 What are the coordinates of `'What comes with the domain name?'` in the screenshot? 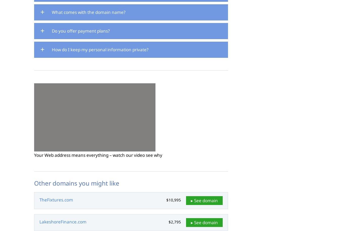 It's located at (88, 12).